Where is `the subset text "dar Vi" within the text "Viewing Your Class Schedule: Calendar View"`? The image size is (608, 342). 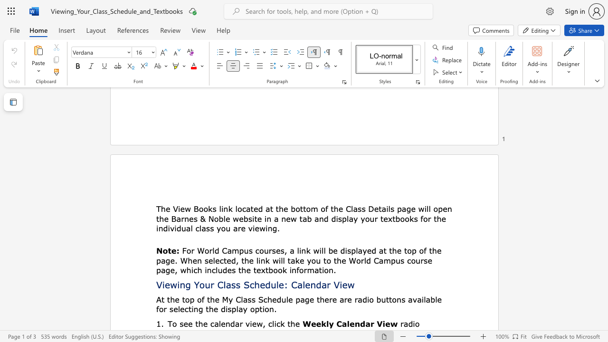
the subset text "dar Vi" within the text "Viewing Your Class Schedule: Calendar View" is located at coordinates (316, 284).